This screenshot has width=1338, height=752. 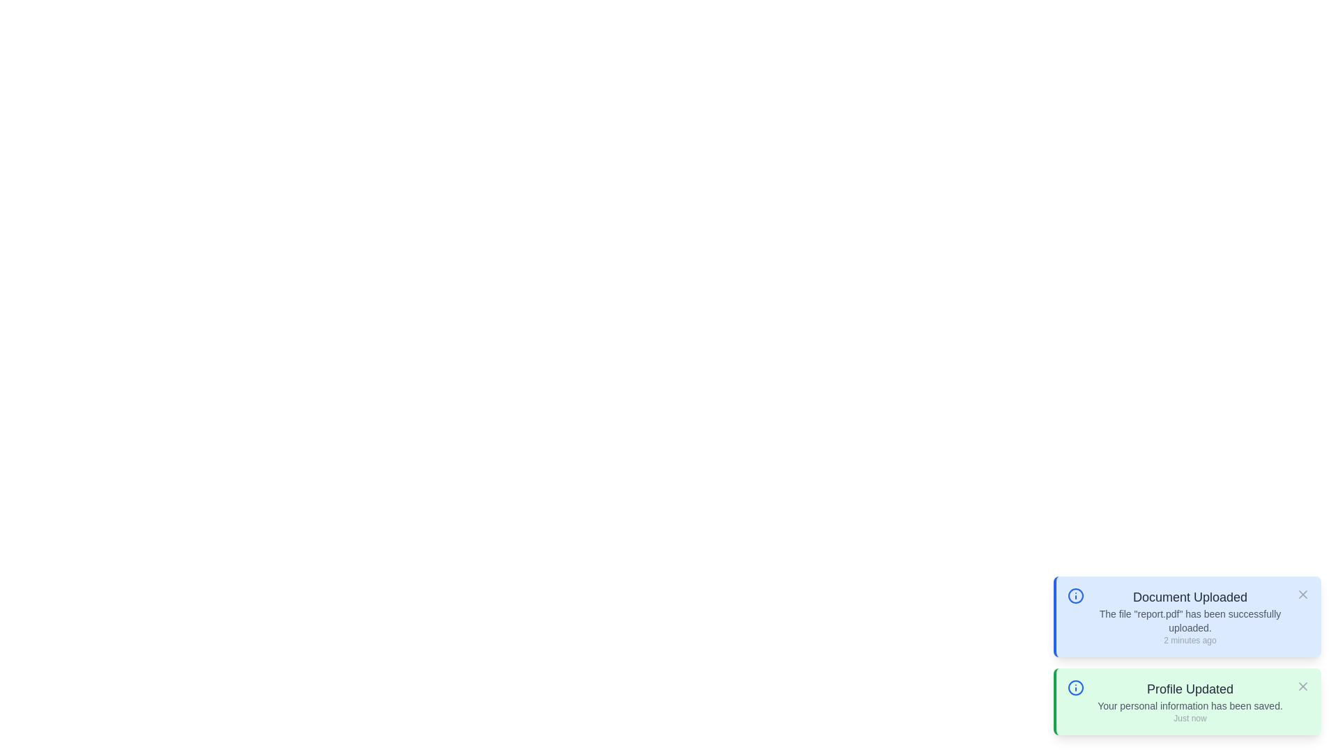 I want to click on the notification to focus on its details, so click(x=1190, y=616).